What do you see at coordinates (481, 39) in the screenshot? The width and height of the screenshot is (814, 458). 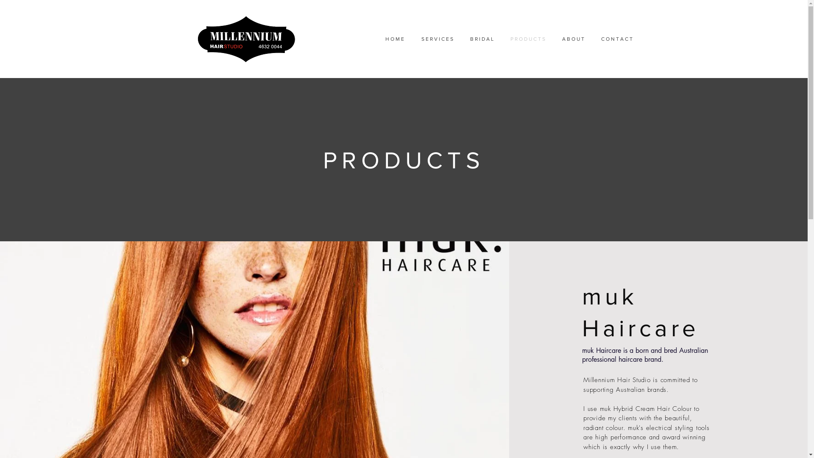 I see `'B R I D A L'` at bounding box center [481, 39].